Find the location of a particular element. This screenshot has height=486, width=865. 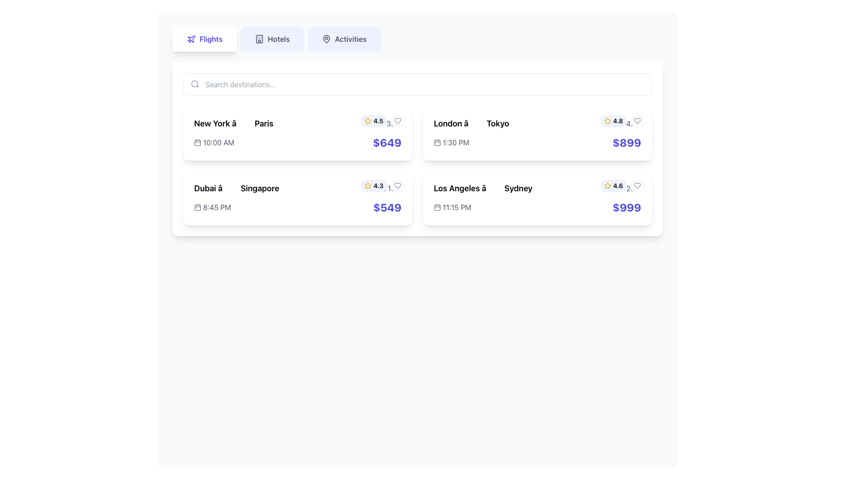

the star icon with a yellow color and thin black outline, located within a light indigo badge that contains the text '4.8' in bold, positioned in the top right section of the 'London to Tokyo' card is located at coordinates (607, 121).